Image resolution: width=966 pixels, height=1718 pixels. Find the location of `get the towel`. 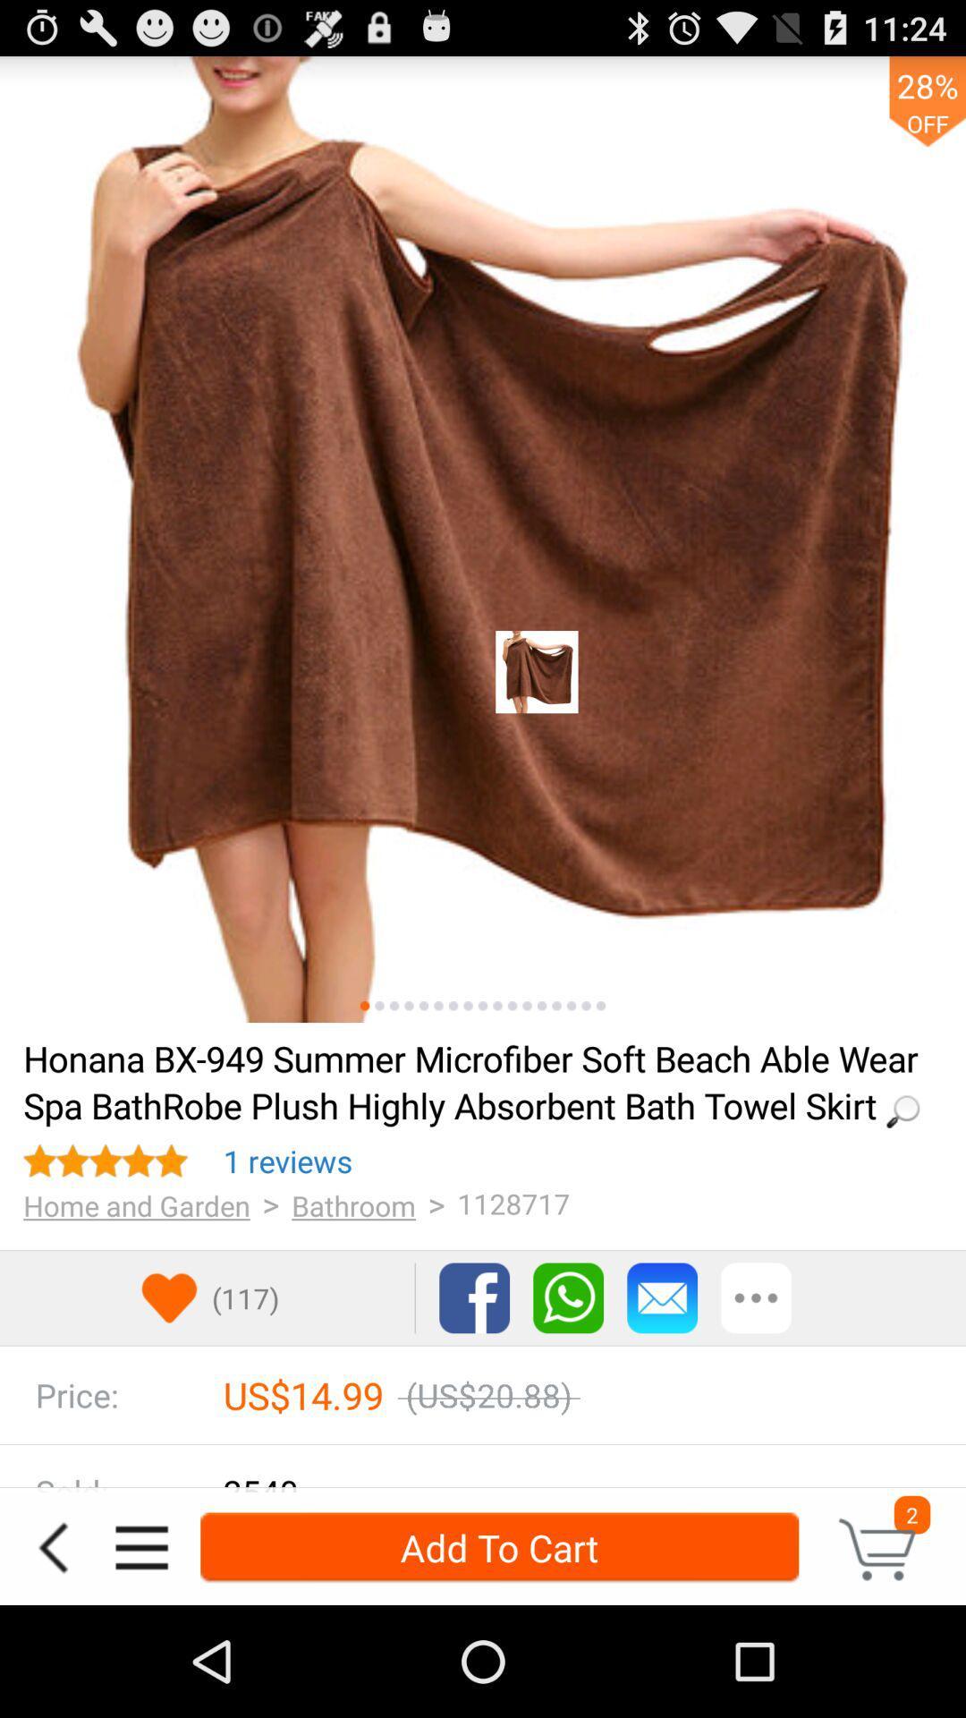

get the towel is located at coordinates (483, 539).